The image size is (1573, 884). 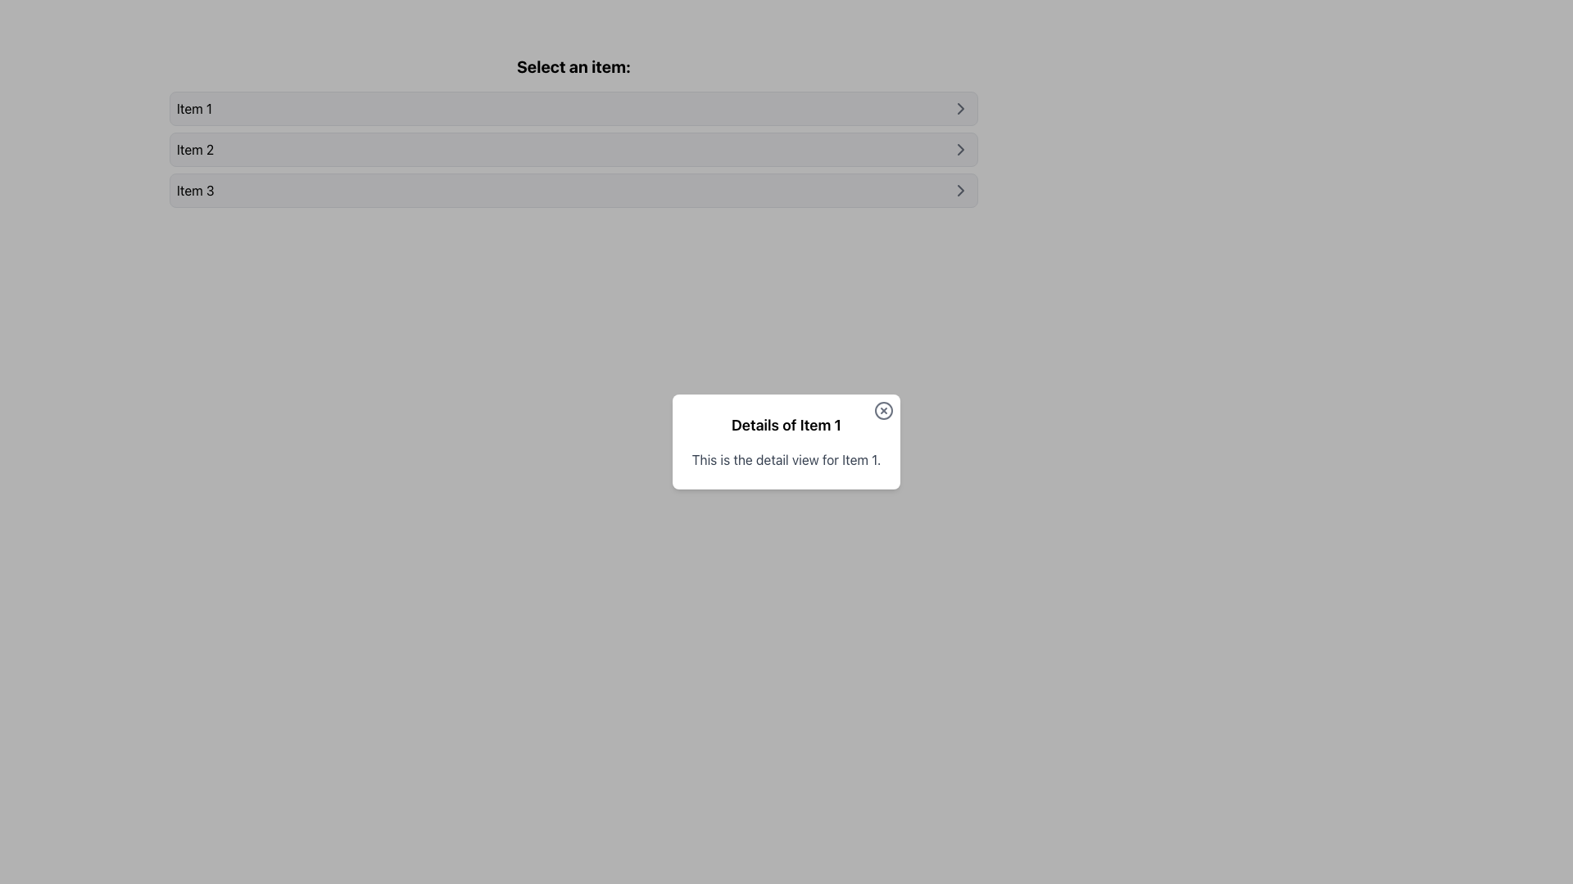 What do you see at coordinates (960, 108) in the screenshot?
I see `the Chevron Icon located at the far right of the row labeled 'Item 1' to trigger an action` at bounding box center [960, 108].